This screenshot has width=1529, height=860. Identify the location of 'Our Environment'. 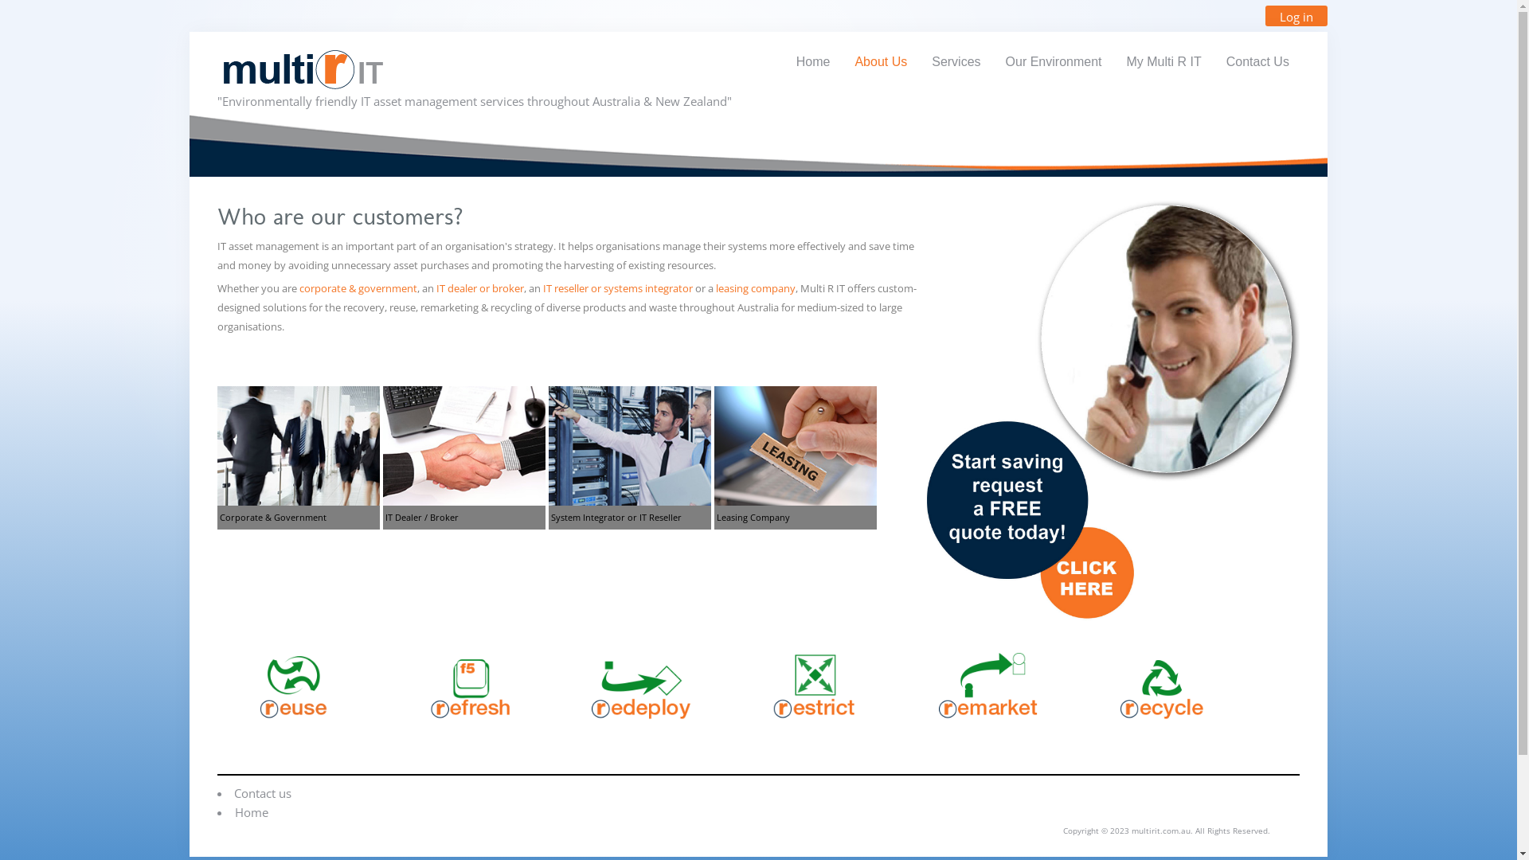
(1054, 61).